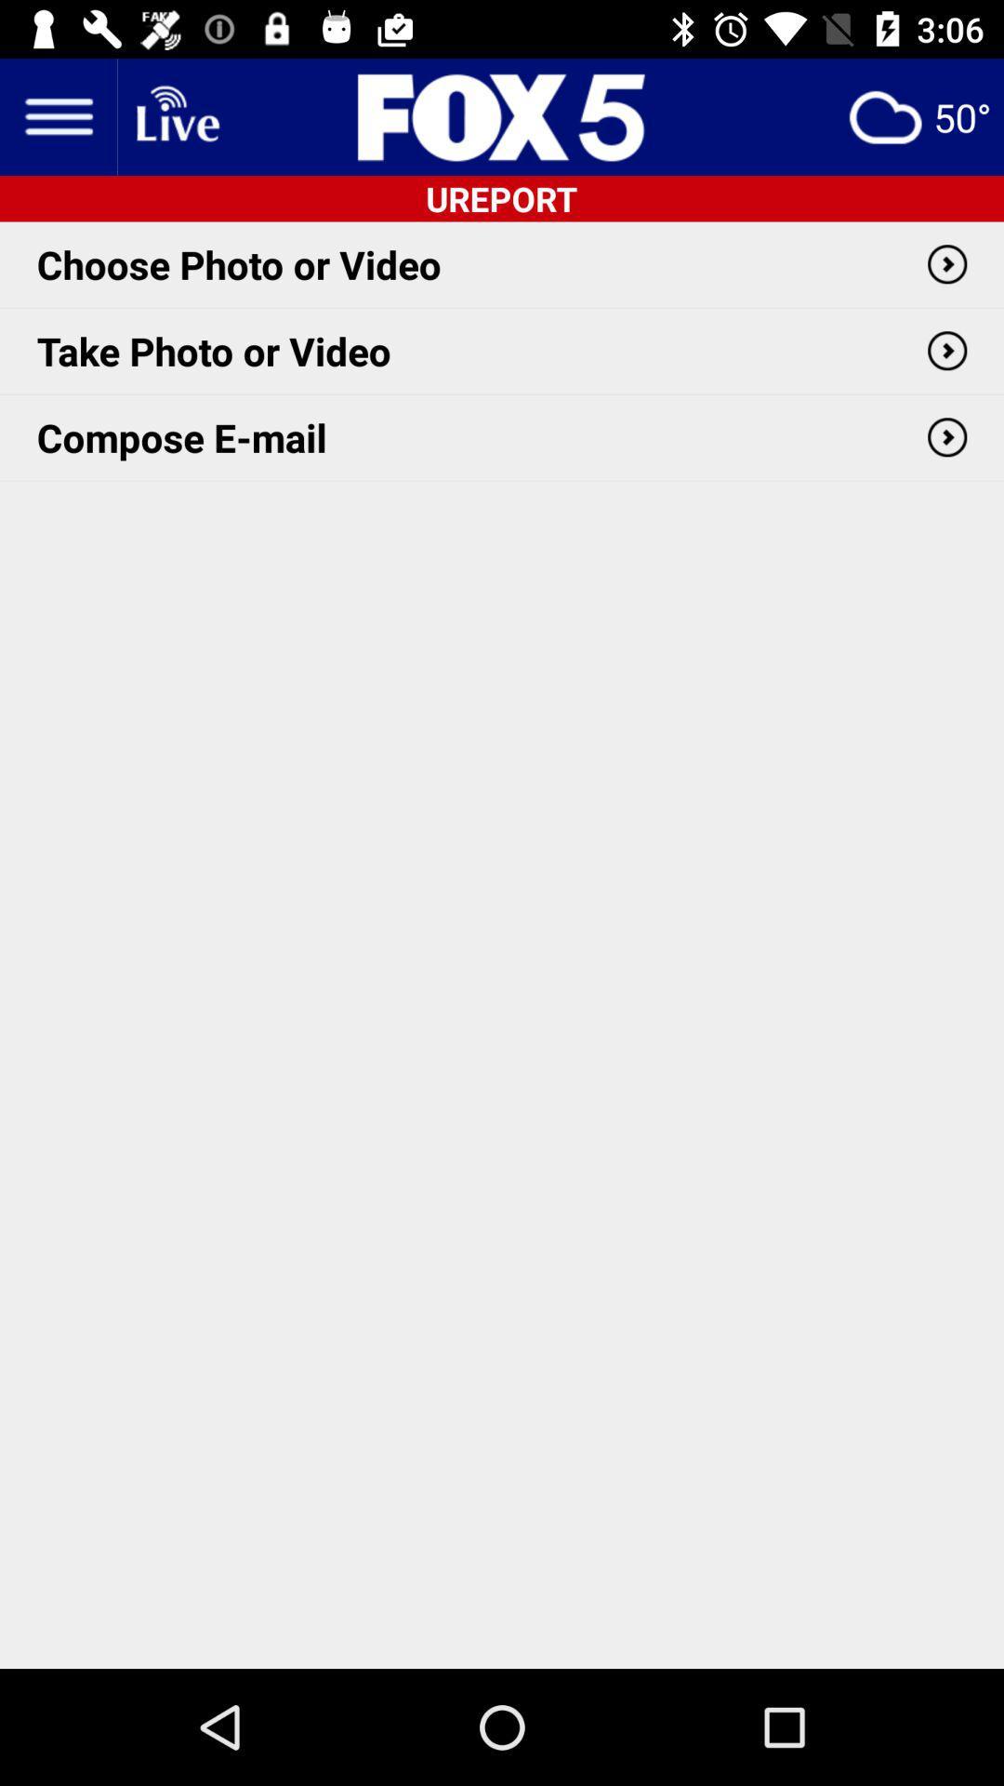 The height and width of the screenshot is (1786, 1004). What do you see at coordinates (502, 115) in the screenshot?
I see `a text fox5 which is above ureport on a page` at bounding box center [502, 115].